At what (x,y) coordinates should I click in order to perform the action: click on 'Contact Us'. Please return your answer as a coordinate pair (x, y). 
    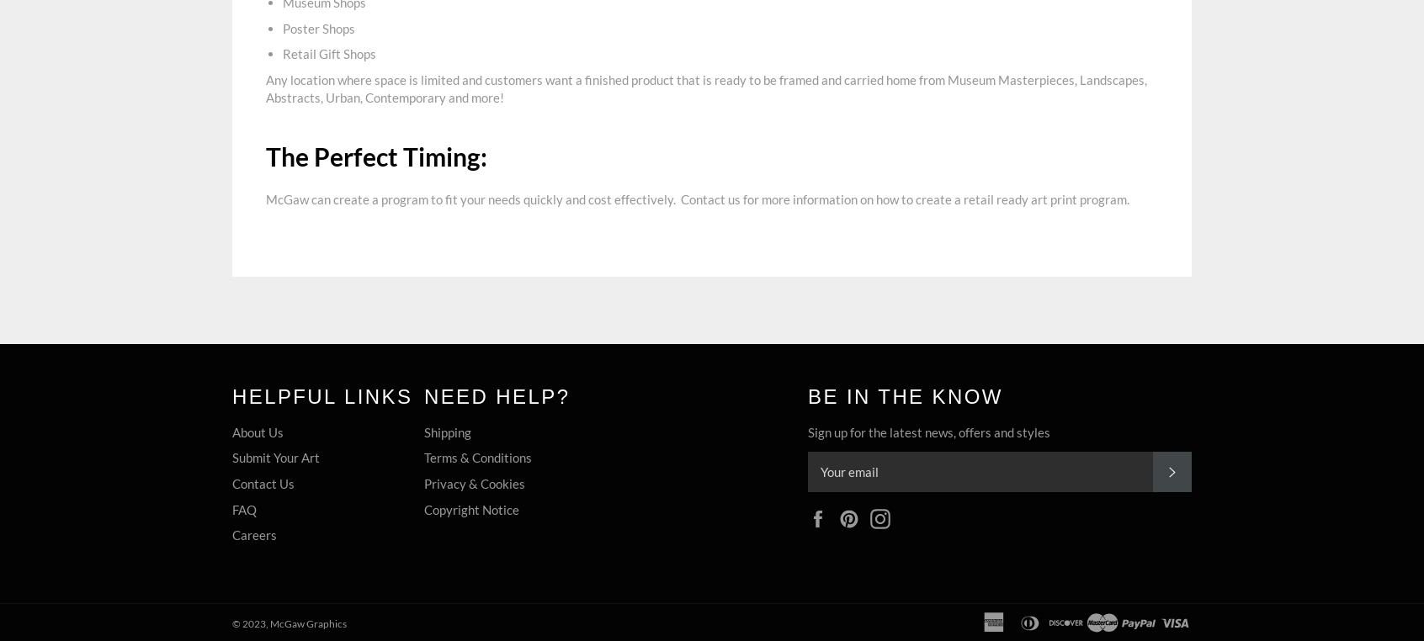
    Looking at the image, I should click on (263, 483).